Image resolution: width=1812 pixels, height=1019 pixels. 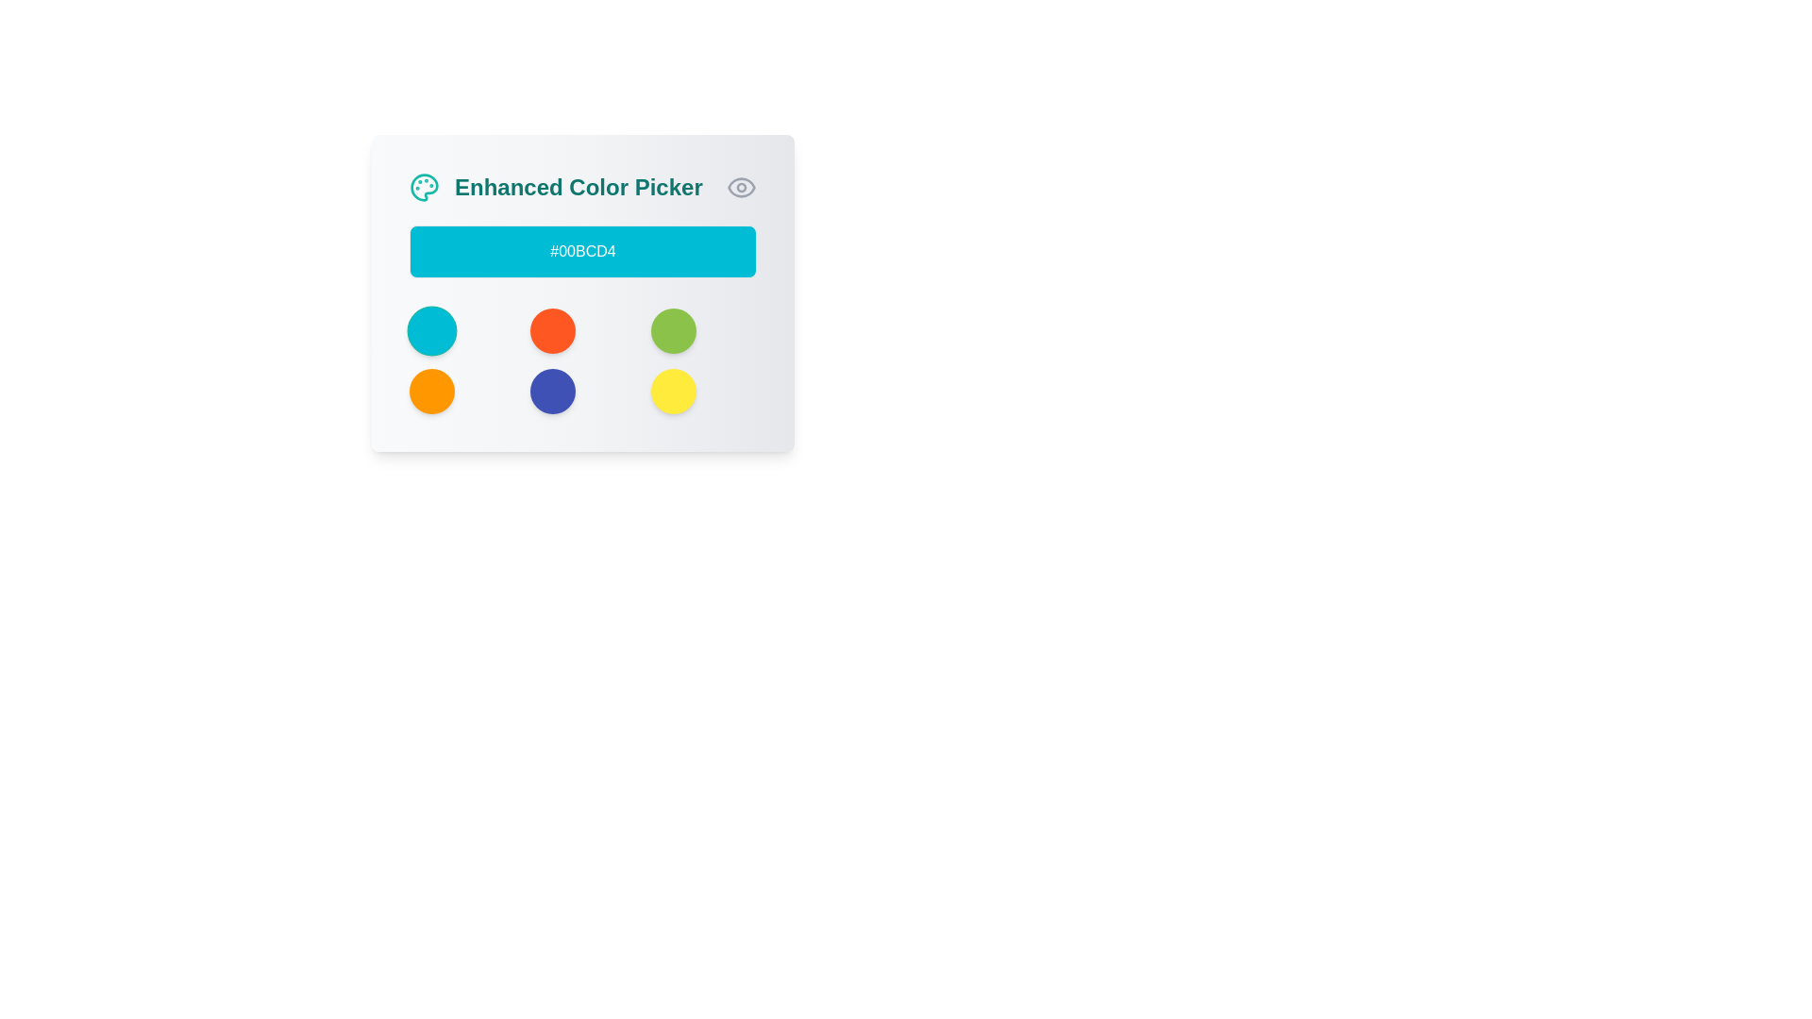 What do you see at coordinates (551, 330) in the screenshot?
I see `the bright orange circular Color selection button located in the second position of the top row in a 3x2 grid layout` at bounding box center [551, 330].